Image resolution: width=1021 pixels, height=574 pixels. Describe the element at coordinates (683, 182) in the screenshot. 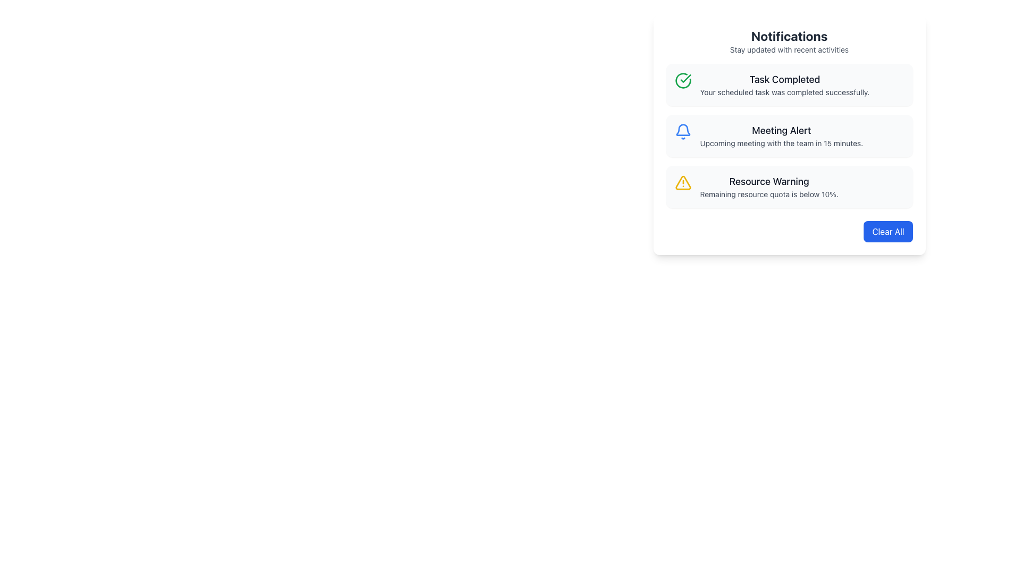

I see `the graphical icon representing the 'Resource Warning' notification` at that location.